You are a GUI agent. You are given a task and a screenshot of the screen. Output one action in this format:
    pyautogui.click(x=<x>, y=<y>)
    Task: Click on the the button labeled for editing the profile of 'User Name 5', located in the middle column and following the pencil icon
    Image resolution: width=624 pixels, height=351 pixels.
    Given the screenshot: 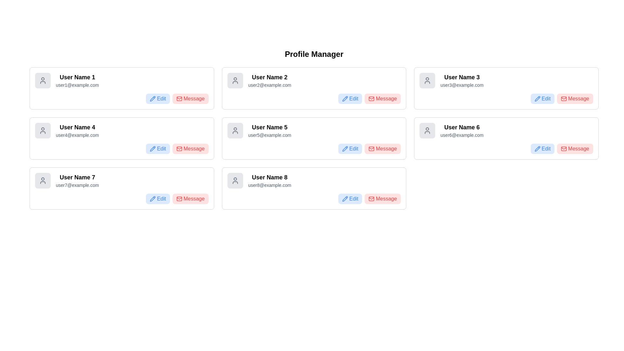 What is the action you would take?
    pyautogui.click(x=353, y=149)
    